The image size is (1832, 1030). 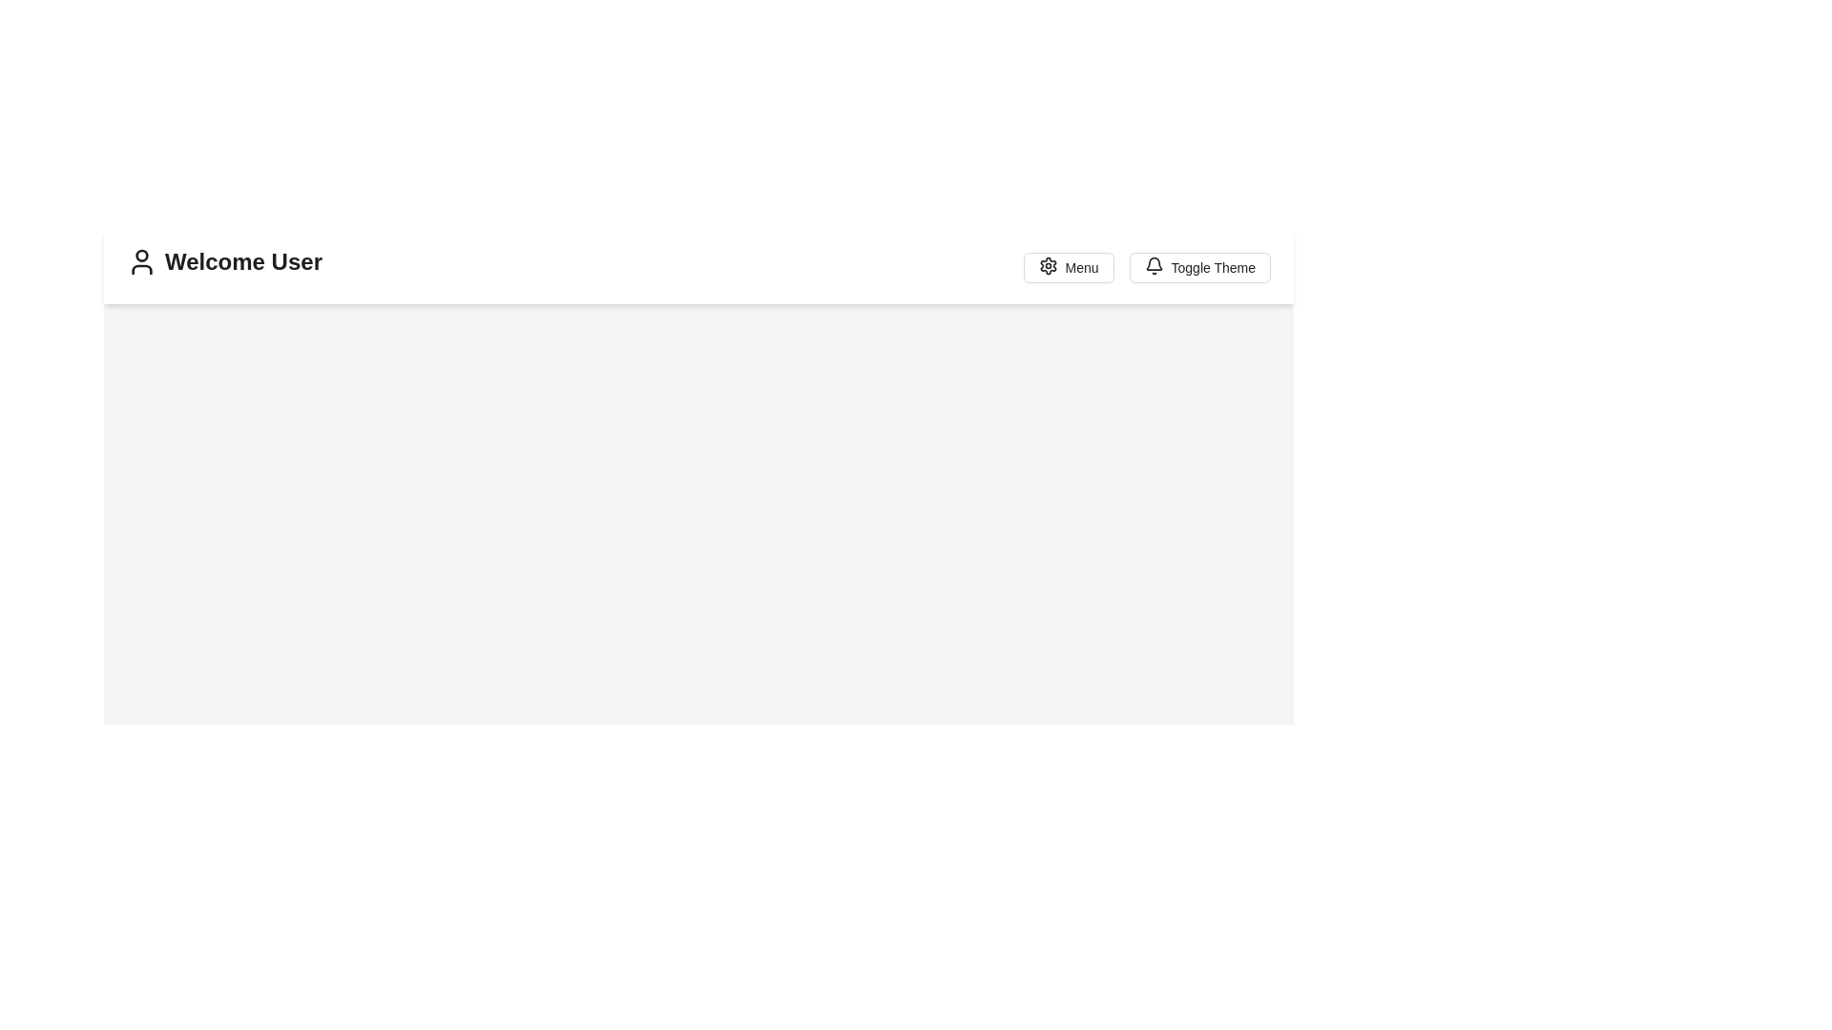 What do you see at coordinates (1081, 268) in the screenshot?
I see `the 'Menu' text label within the outlined button located in the top-right corner of the interface` at bounding box center [1081, 268].